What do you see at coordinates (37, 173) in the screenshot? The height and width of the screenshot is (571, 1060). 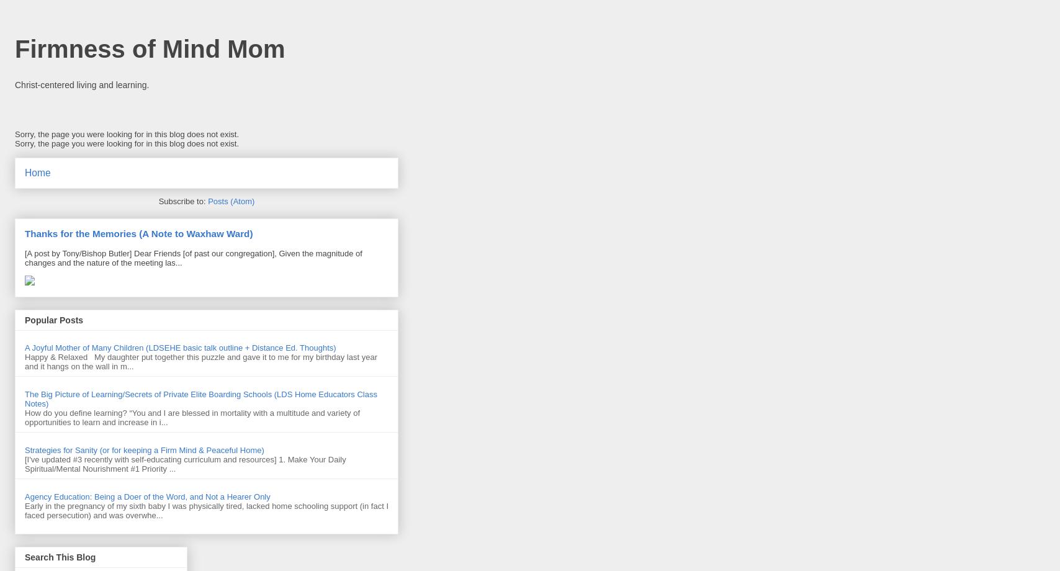 I see `'Home'` at bounding box center [37, 173].